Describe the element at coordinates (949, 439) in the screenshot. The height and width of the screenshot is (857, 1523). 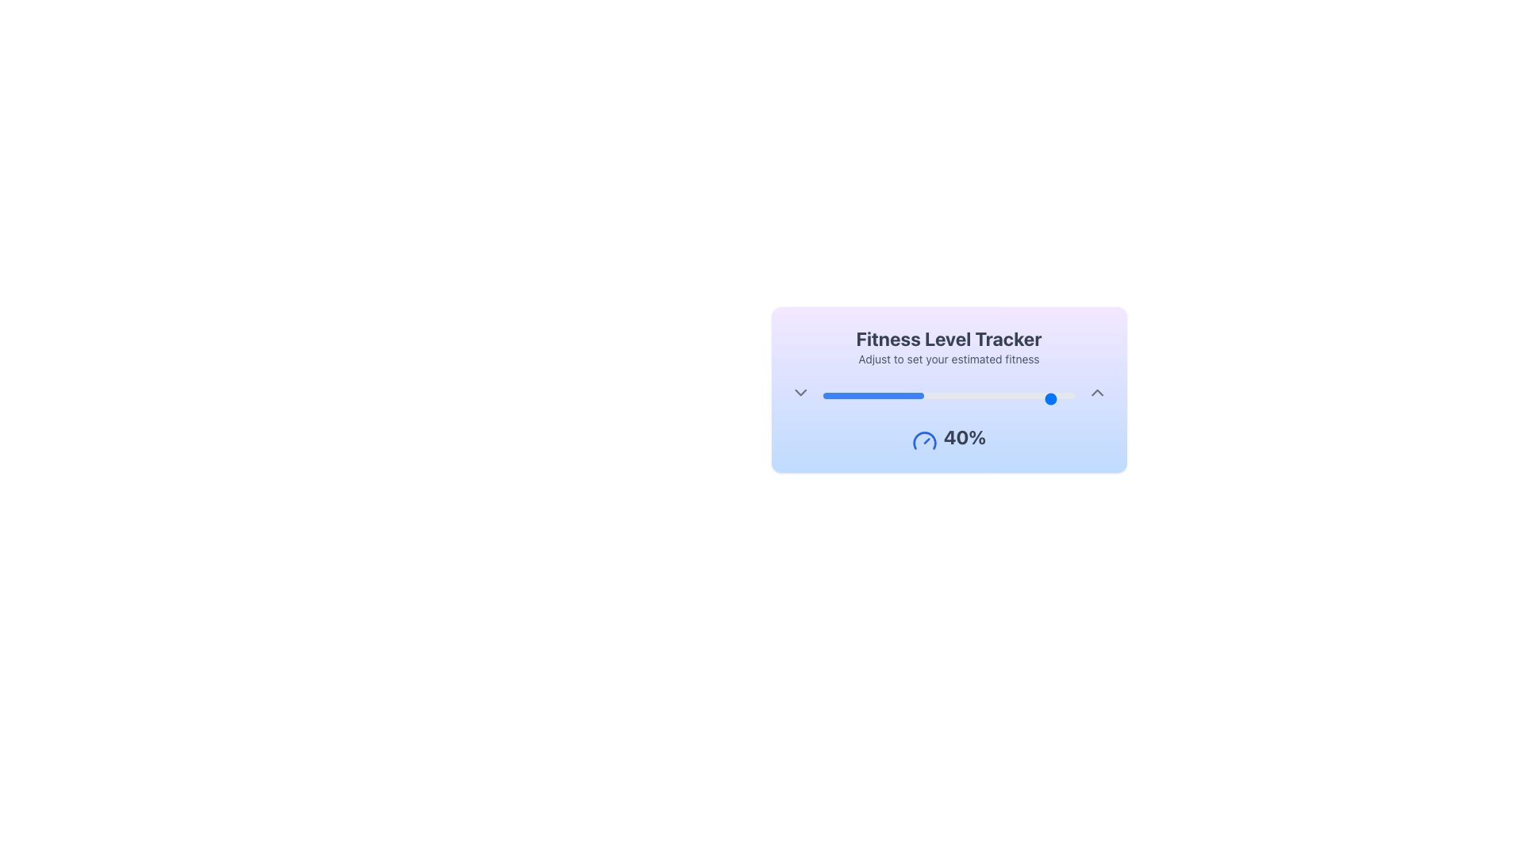
I see `the '40%' text label with a gauge icon in the 'Fitness Level Tracker' card` at that location.